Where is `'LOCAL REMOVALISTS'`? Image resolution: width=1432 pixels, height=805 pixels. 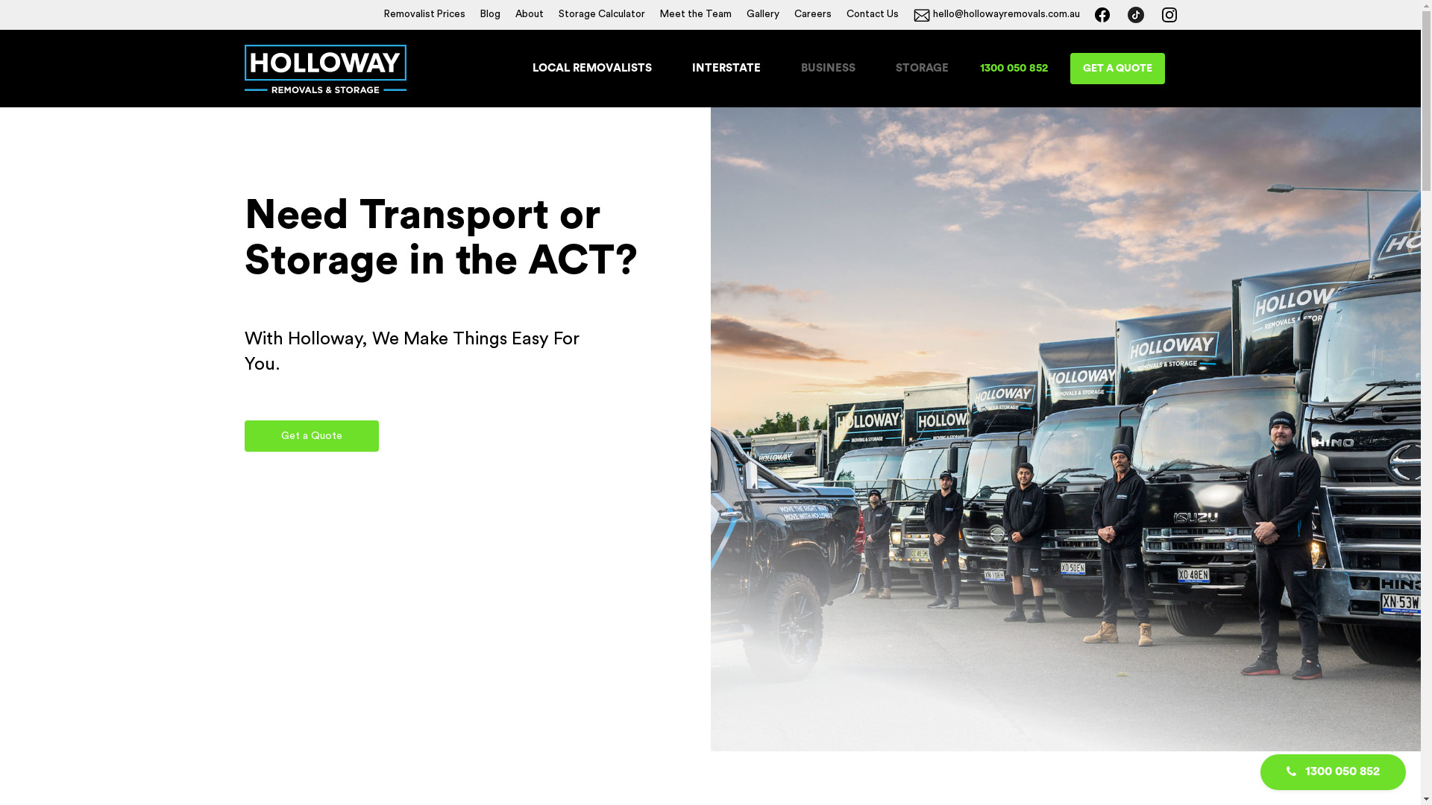 'LOCAL REMOVALISTS' is located at coordinates (591, 68).